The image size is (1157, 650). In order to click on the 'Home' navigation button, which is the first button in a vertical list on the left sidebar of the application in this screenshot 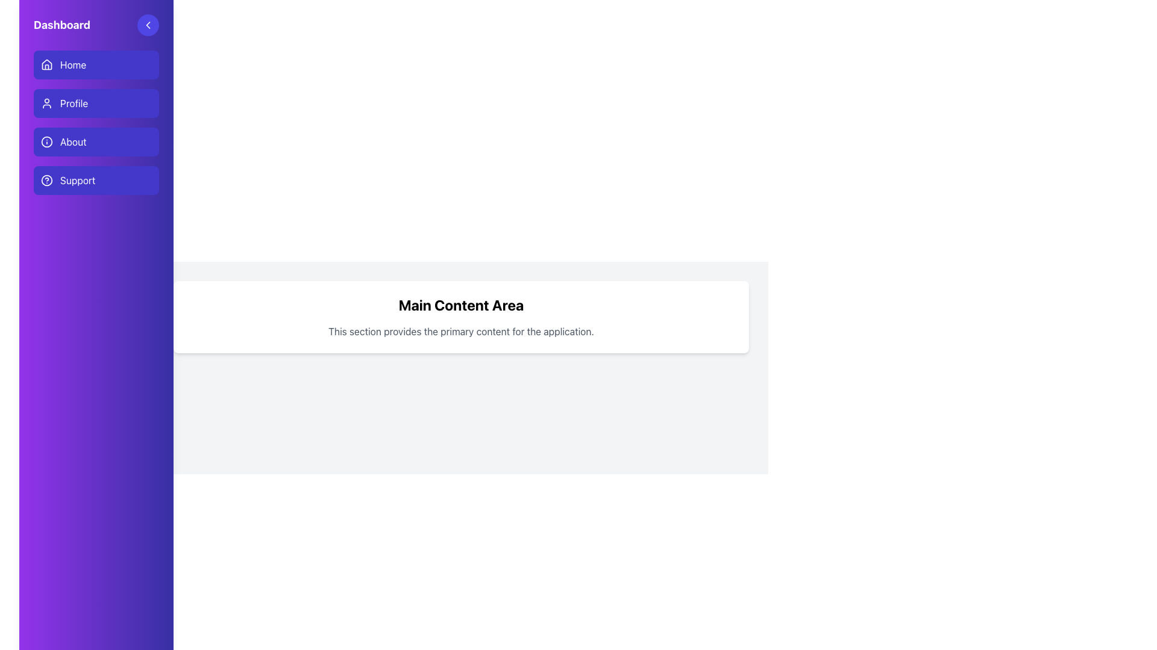, I will do `click(95, 65)`.